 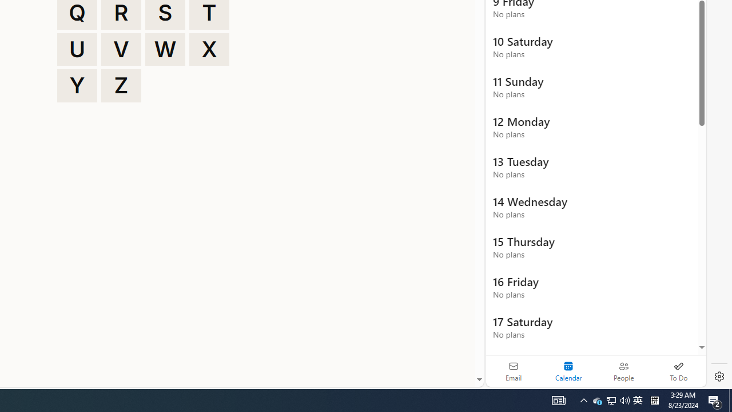 What do you see at coordinates (513, 371) in the screenshot?
I see `'Email'` at bounding box center [513, 371].